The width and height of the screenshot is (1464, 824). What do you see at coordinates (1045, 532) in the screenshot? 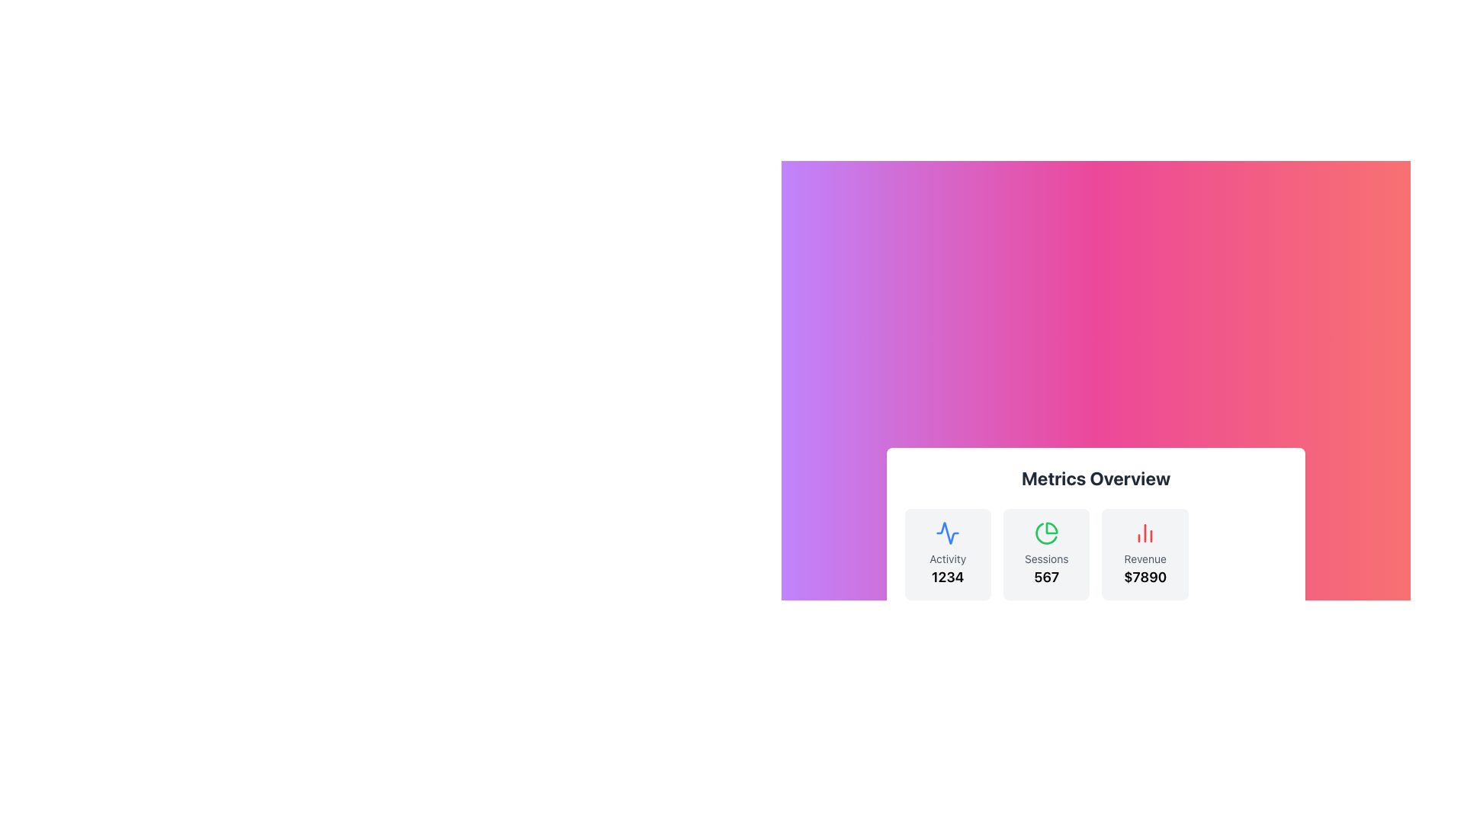
I see `the SVG pie chart icon located at the top of the 'Sessions' card within the 'Metrics Overview' section` at bounding box center [1045, 532].